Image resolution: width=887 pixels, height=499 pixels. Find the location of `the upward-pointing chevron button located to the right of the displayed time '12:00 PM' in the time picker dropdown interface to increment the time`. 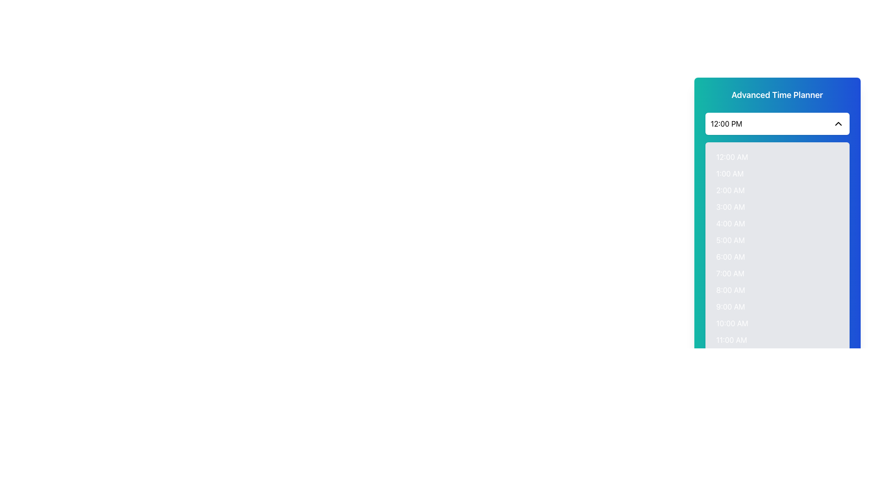

the upward-pointing chevron button located to the right of the displayed time '12:00 PM' in the time picker dropdown interface to increment the time is located at coordinates (838, 123).